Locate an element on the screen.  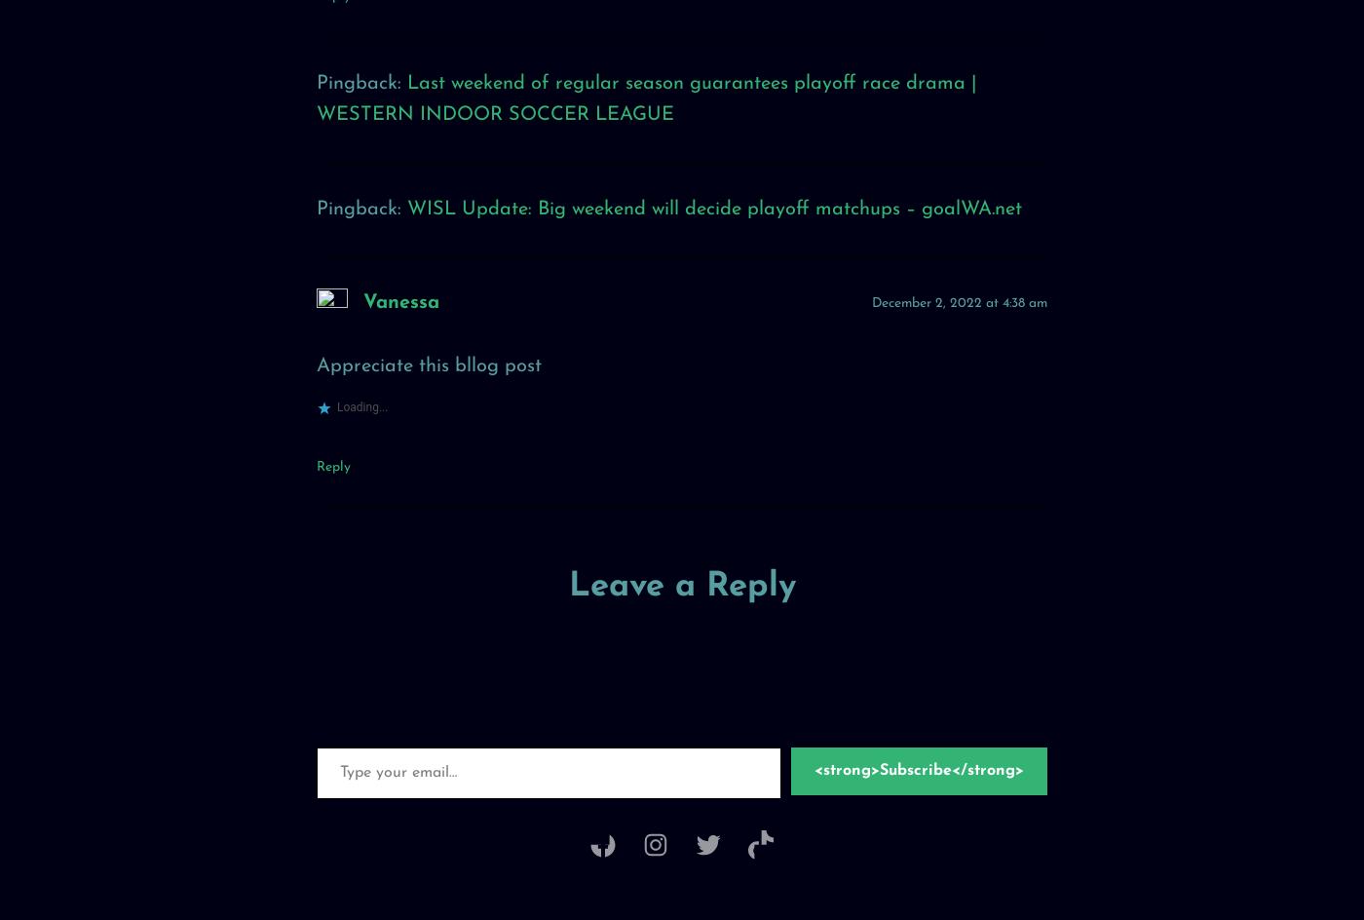
'Last weekend of regular season guarantees playoff race drama | WESTERN INDOOR SOCCER LEAGUE' is located at coordinates (316, 97).